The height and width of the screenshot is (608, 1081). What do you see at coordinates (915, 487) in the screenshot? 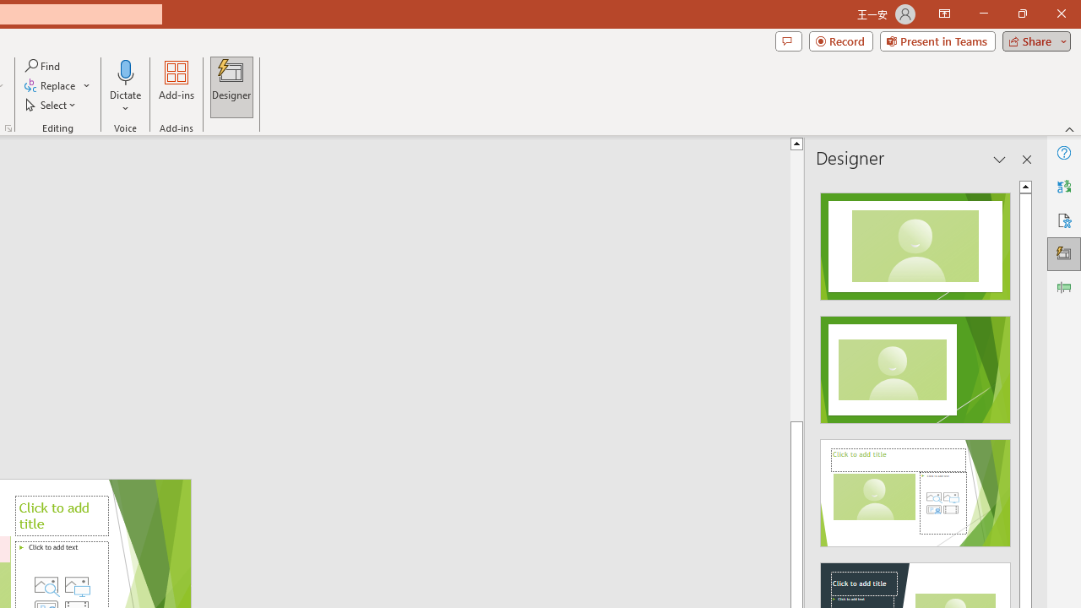
I see `'Design Idea'` at bounding box center [915, 487].